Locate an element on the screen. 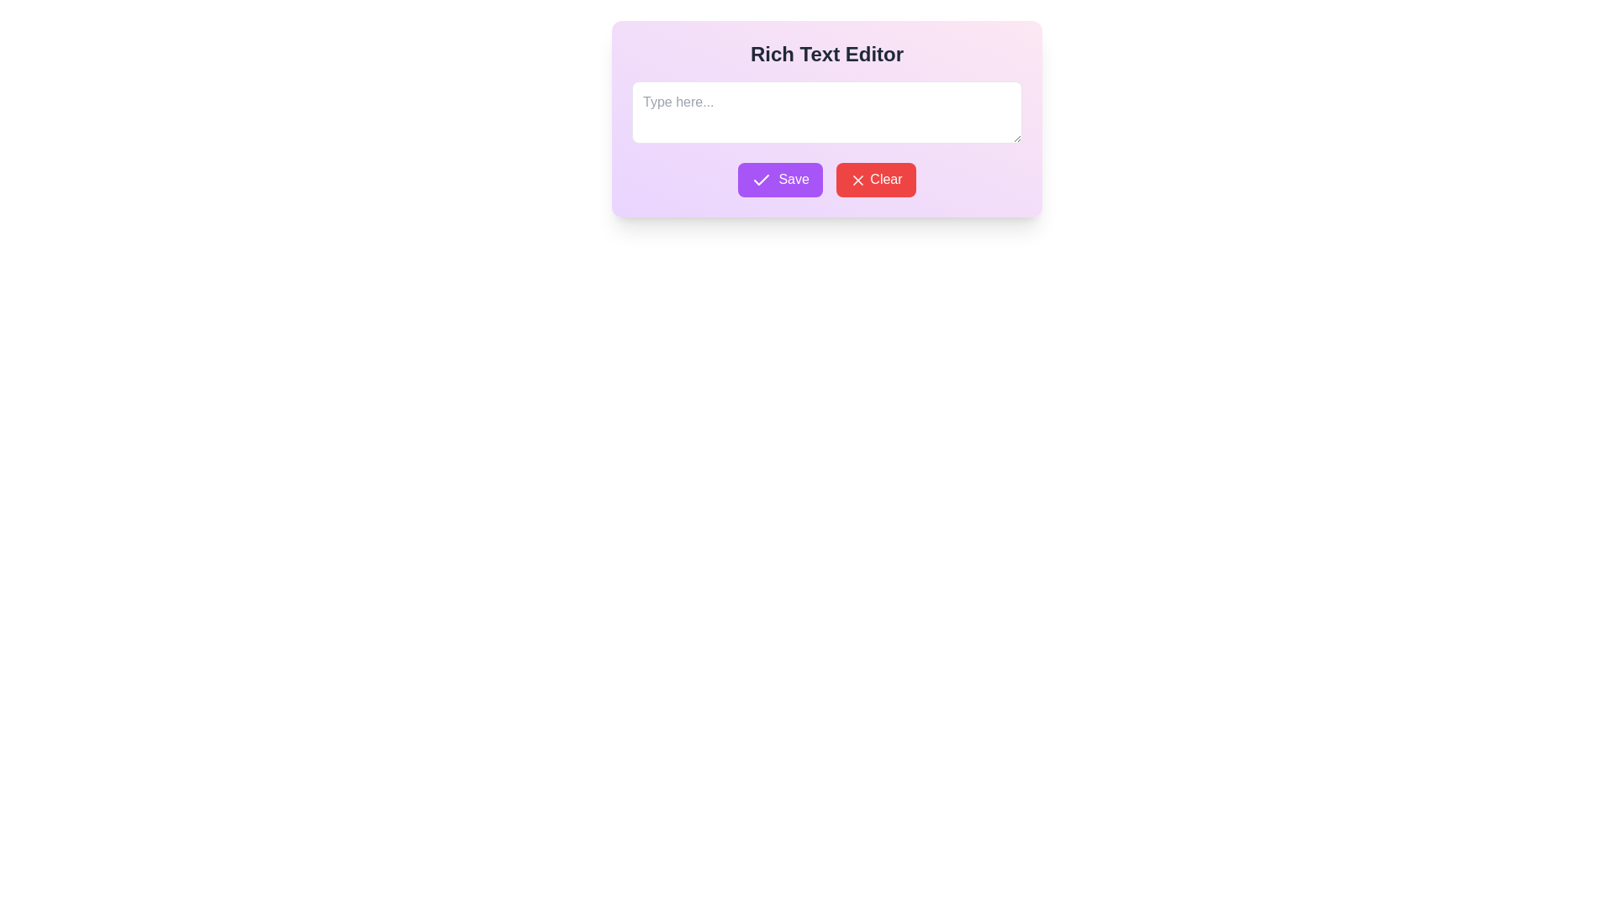 The image size is (1614, 907). the close or clear icon located inside the red 'Clear' button in the toolbar, which is positioned to the right of the purple 'Save' button beneath the 'Rich Text Editor' is located at coordinates (857, 181).